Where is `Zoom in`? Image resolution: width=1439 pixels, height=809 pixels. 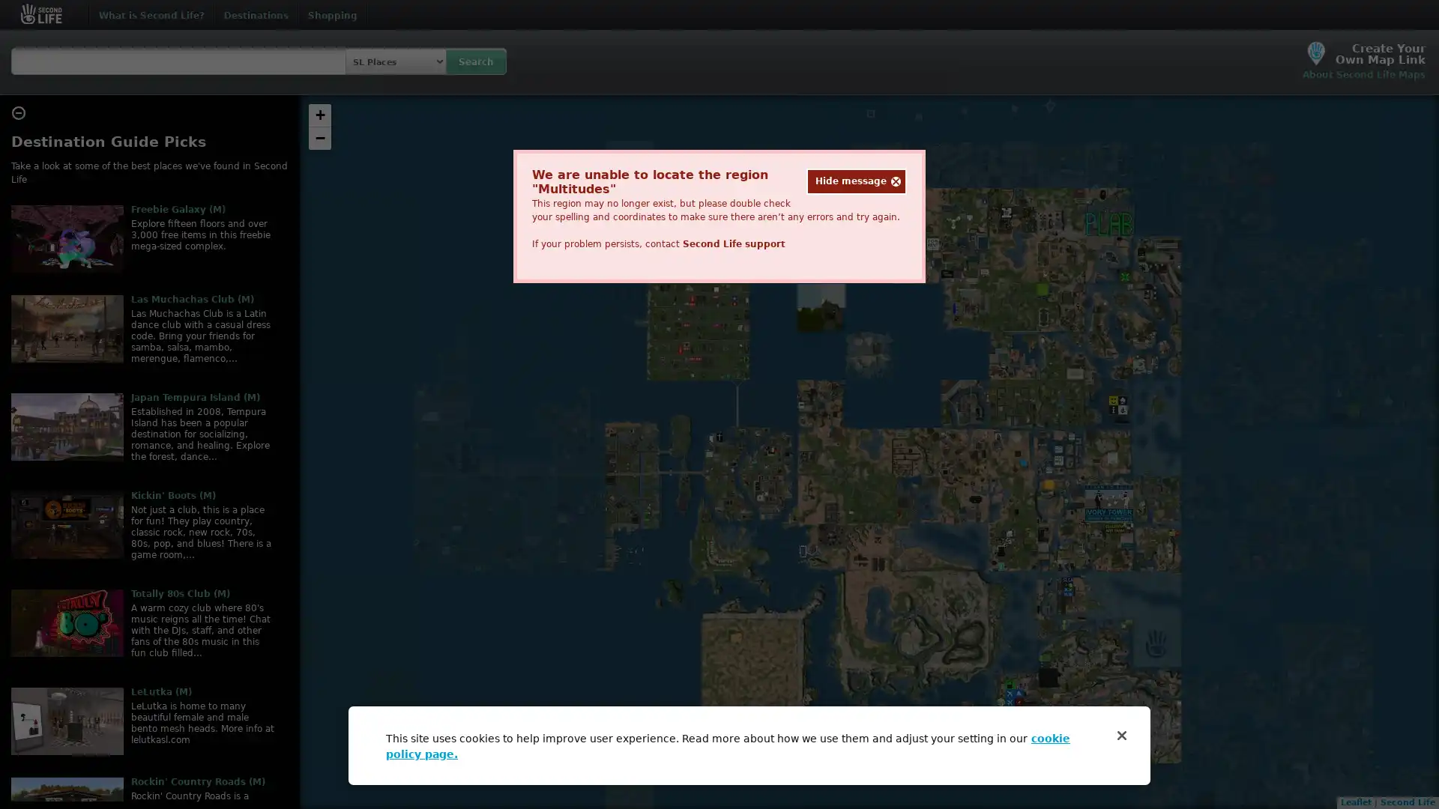
Zoom in is located at coordinates (319, 115).